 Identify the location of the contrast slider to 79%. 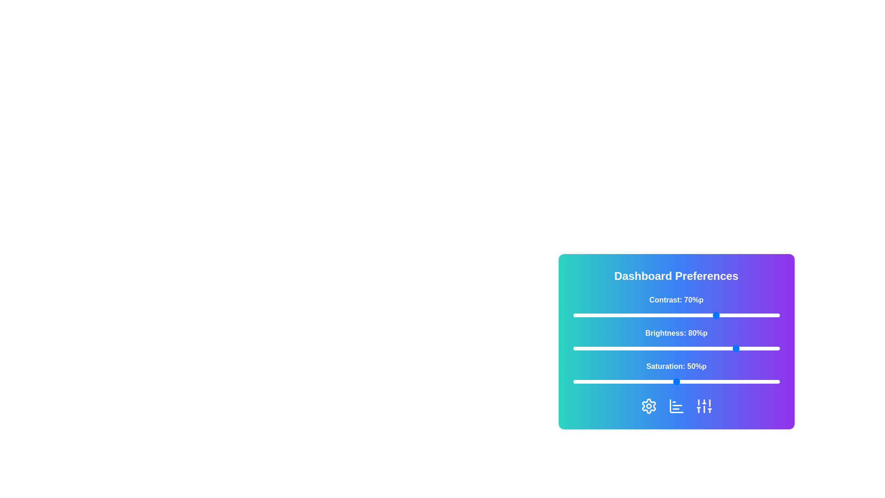
(736, 314).